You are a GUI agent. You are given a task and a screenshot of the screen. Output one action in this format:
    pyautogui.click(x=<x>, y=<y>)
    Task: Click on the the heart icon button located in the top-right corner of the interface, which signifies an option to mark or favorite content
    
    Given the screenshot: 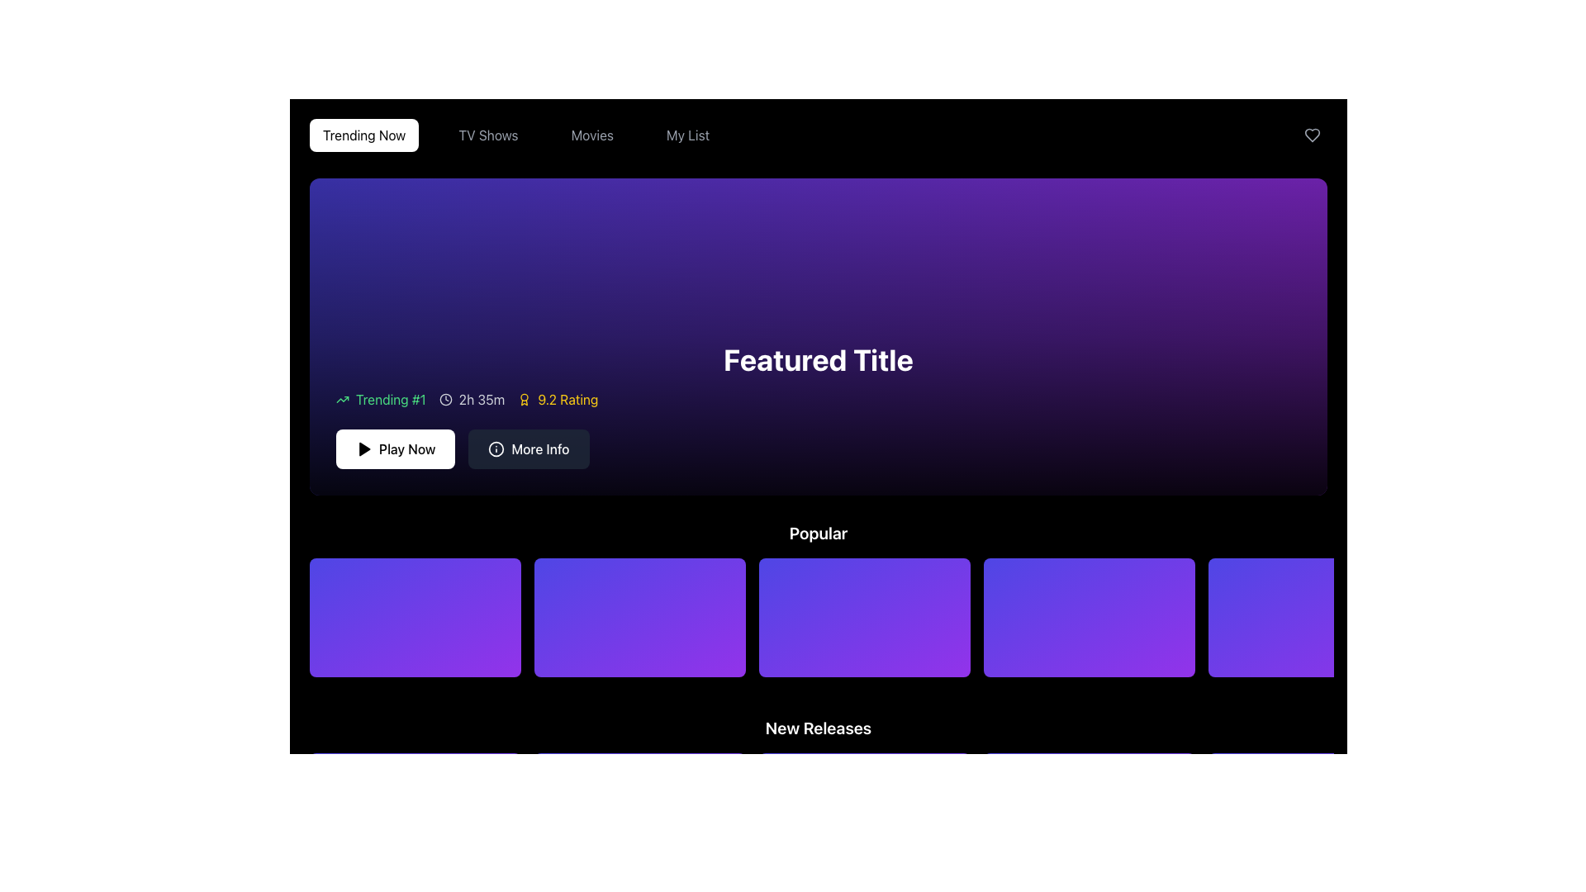 What is the action you would take?
    pyautogui.click(x=1311, y=135)
    